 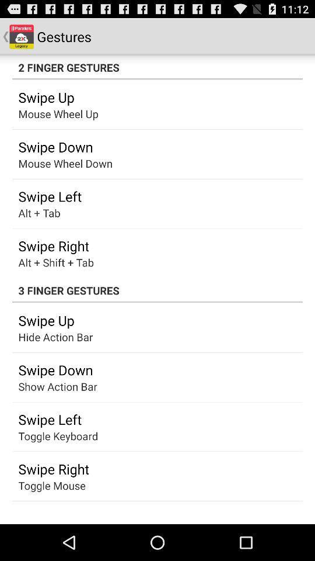 I want to click on the icon below the swipe down item, so click(x=46, y=386).